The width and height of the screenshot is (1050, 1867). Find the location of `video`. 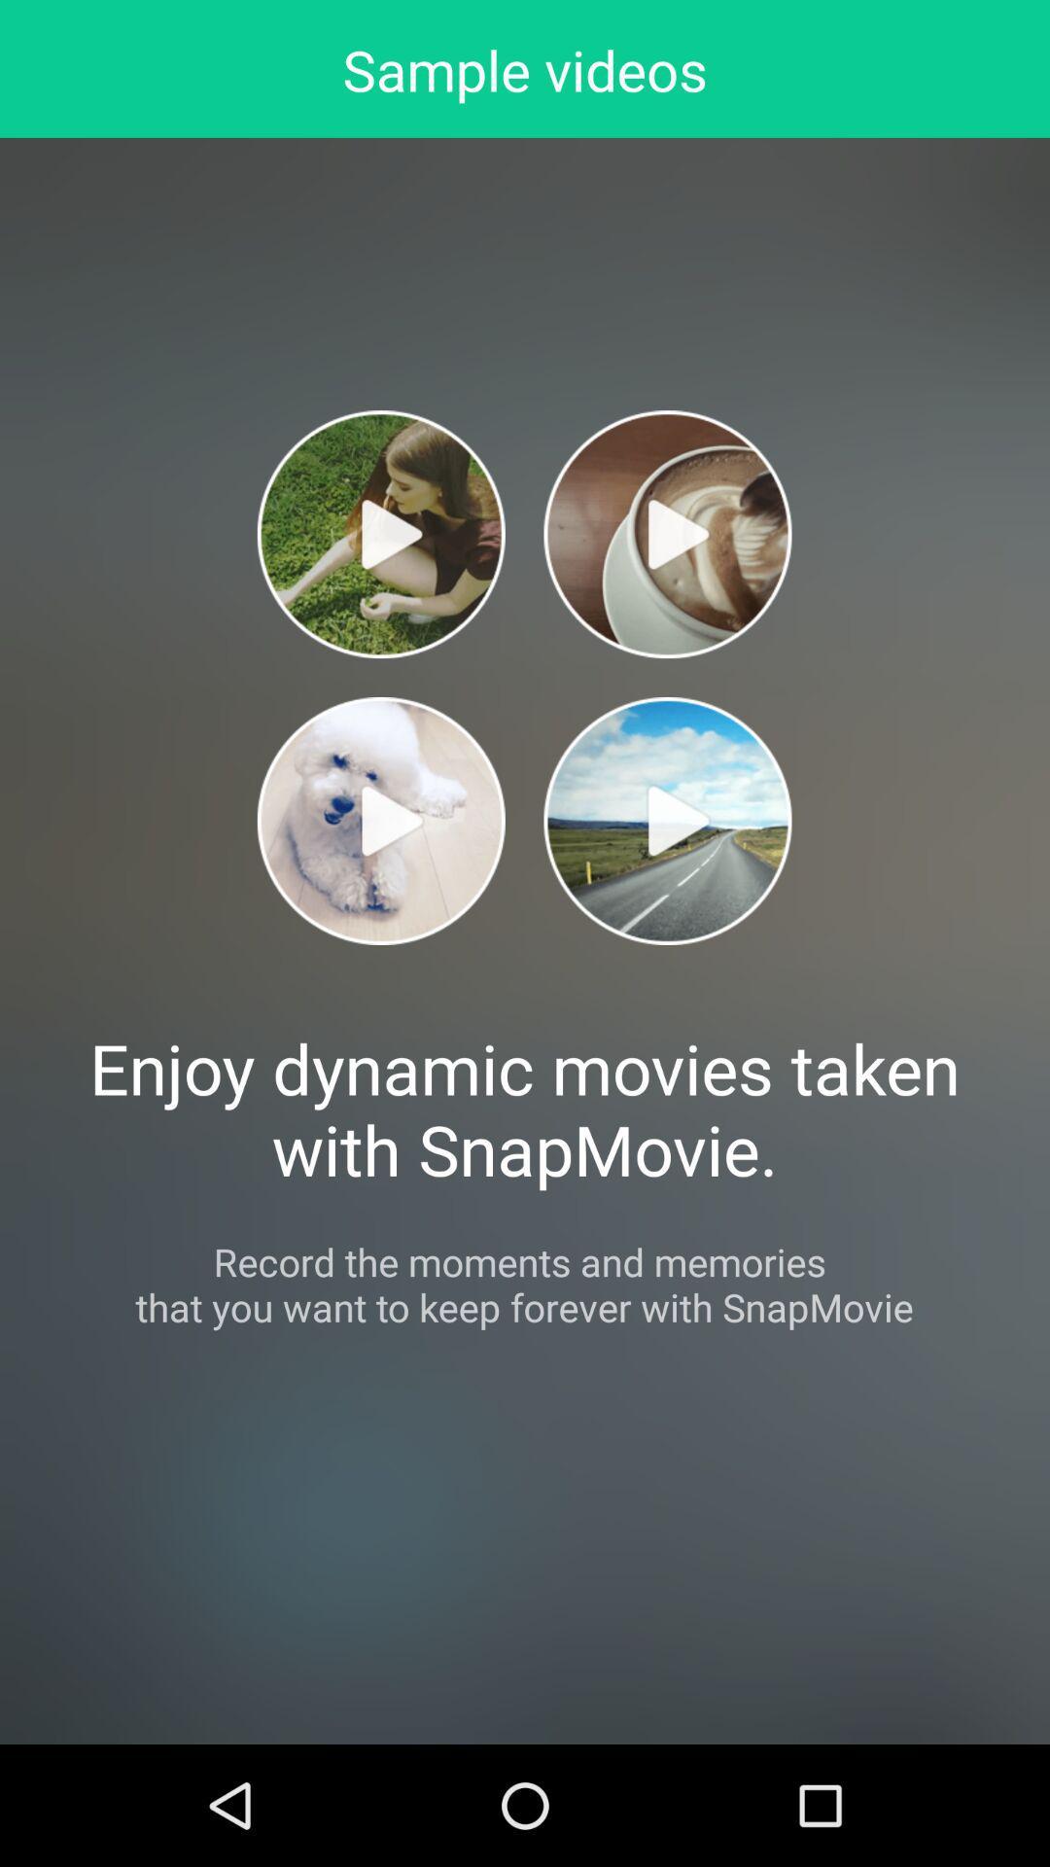

video is located at coordinates (666, 821).